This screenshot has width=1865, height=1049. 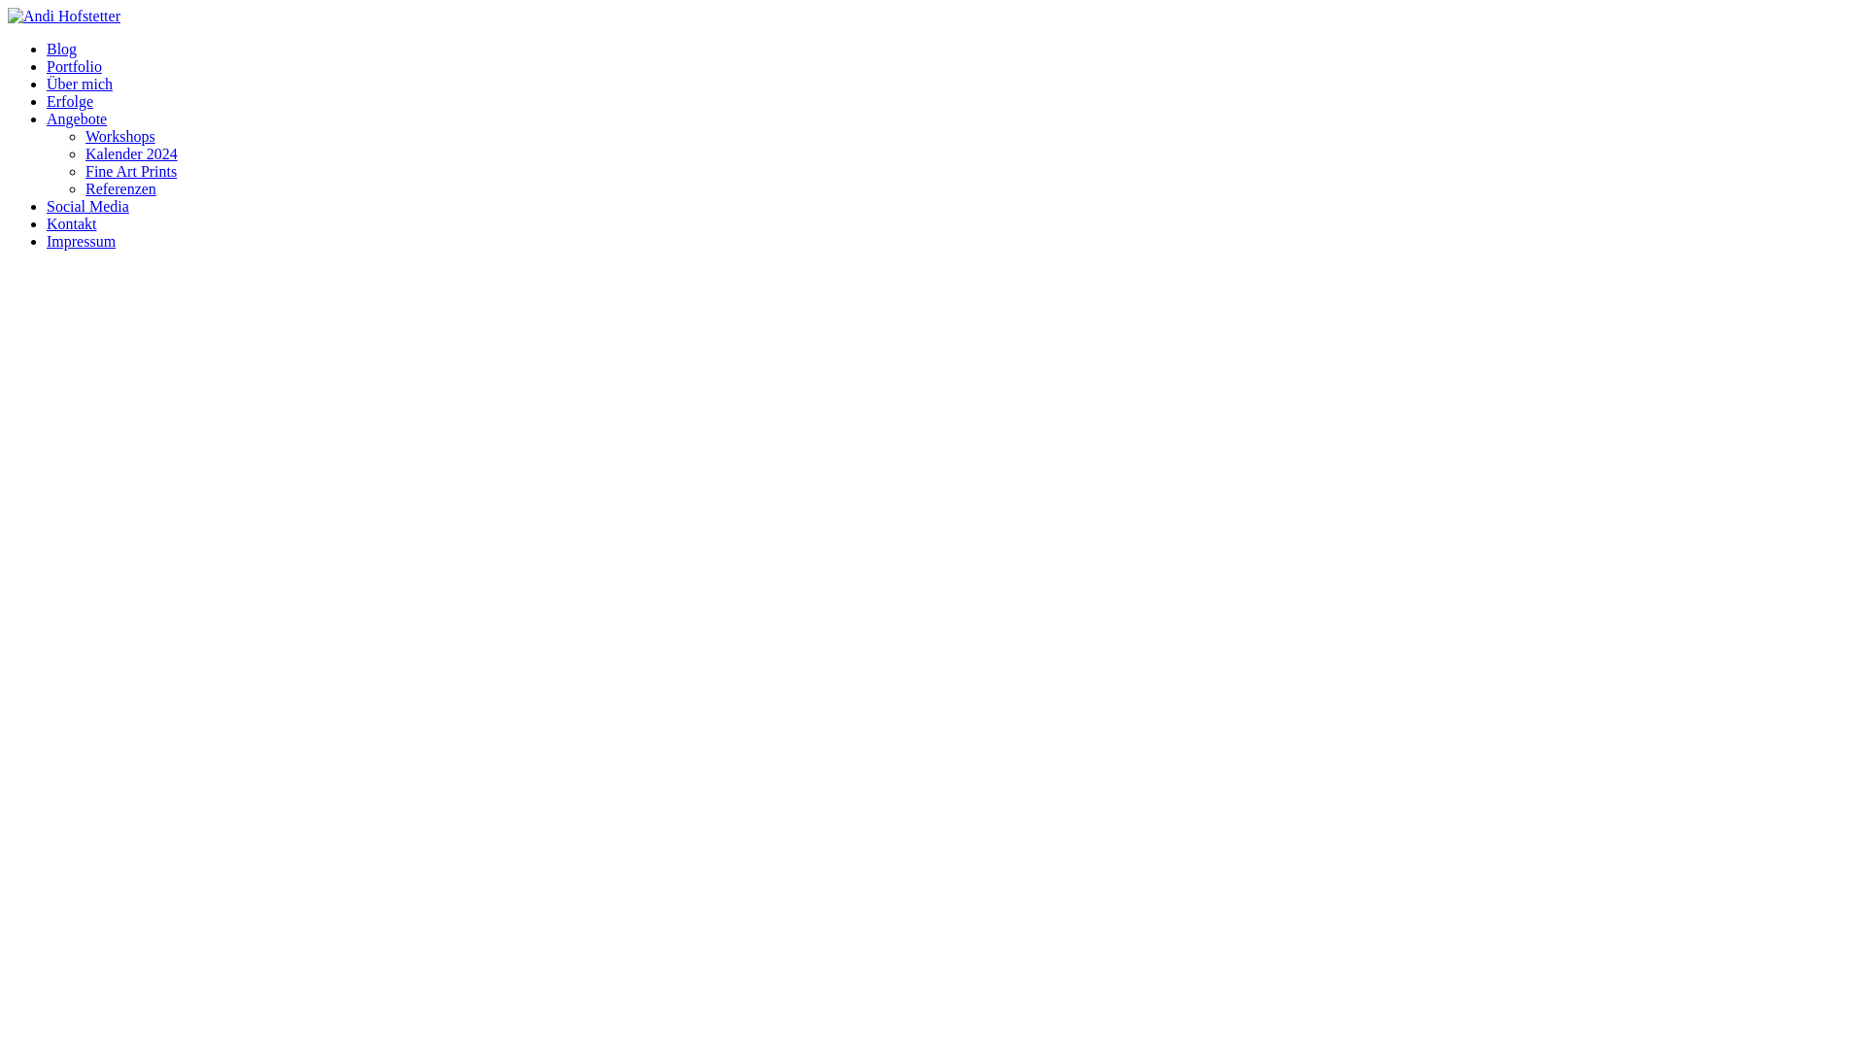 What do you see at coordinates (119, 188) in the screenshot?
I see `'Referenzen'` at bounding box center [119, 188].